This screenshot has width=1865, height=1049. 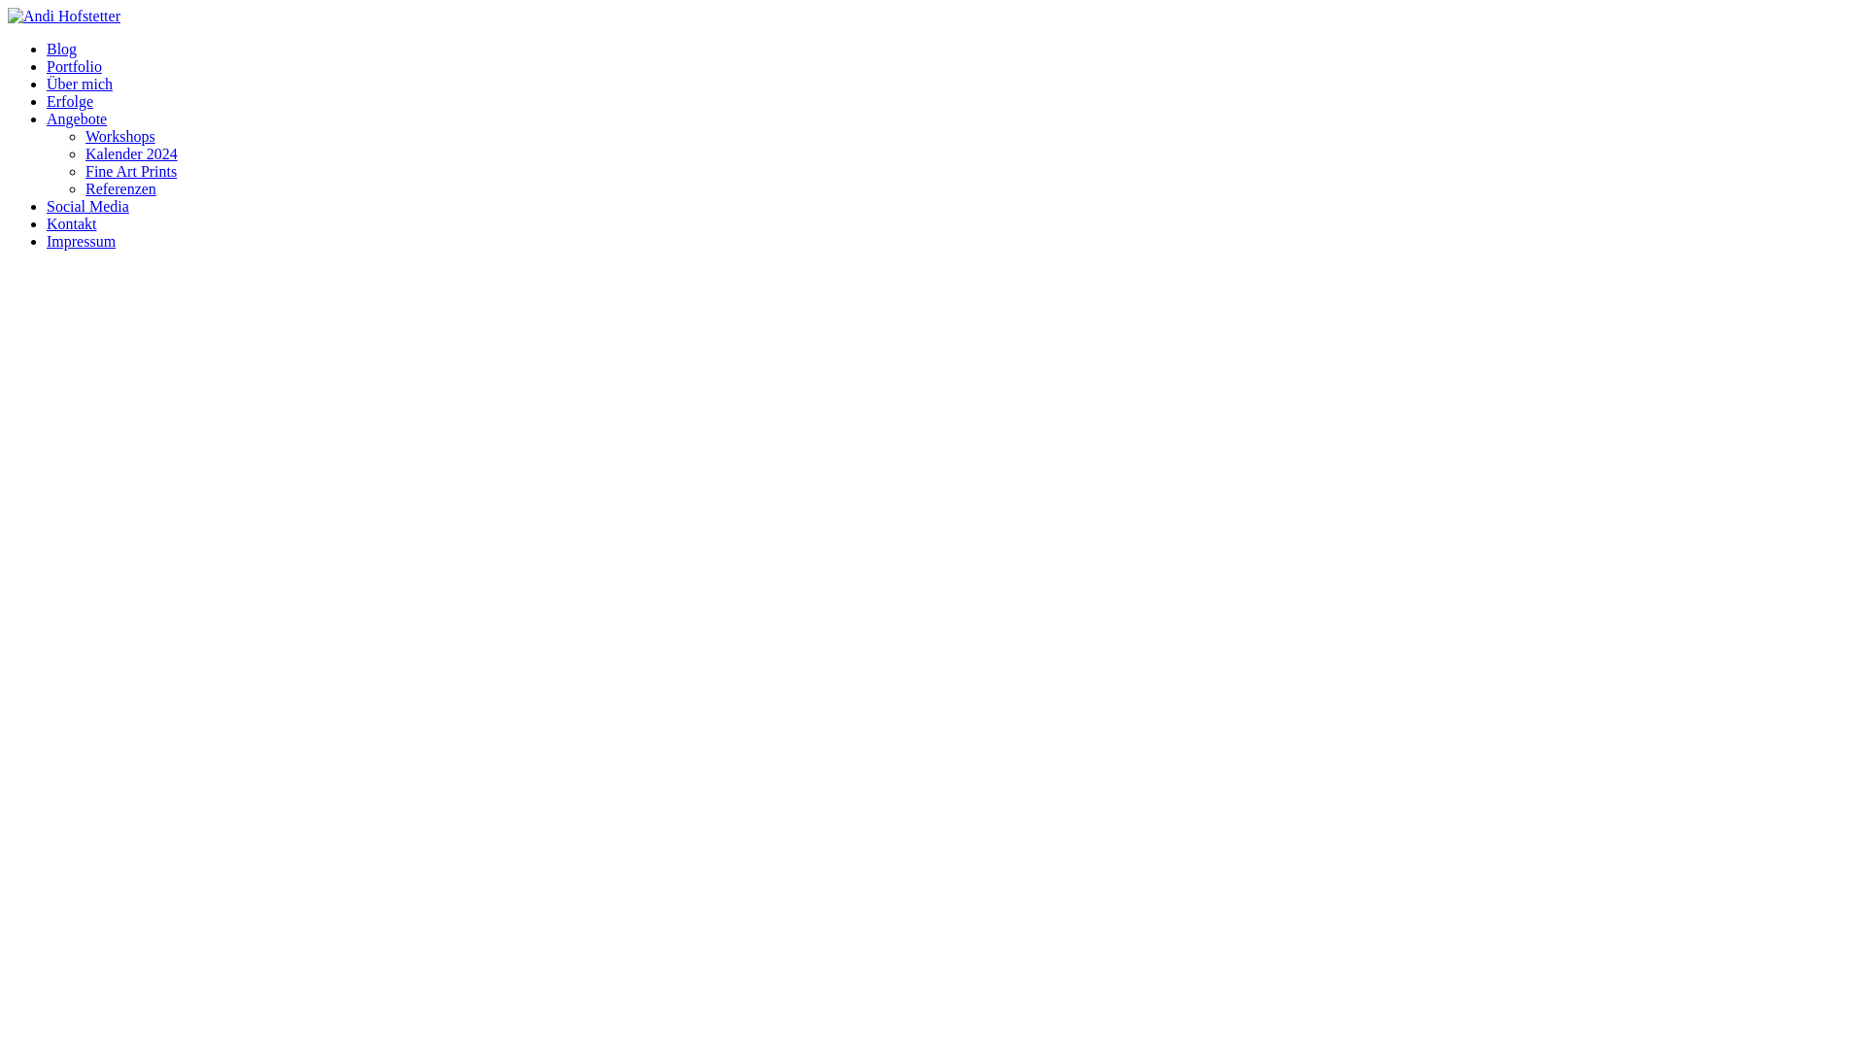 What do you see at coordinates (119, 188) in the screenshot?
I see `'Referenzen'` at bounding box center [119, 188].